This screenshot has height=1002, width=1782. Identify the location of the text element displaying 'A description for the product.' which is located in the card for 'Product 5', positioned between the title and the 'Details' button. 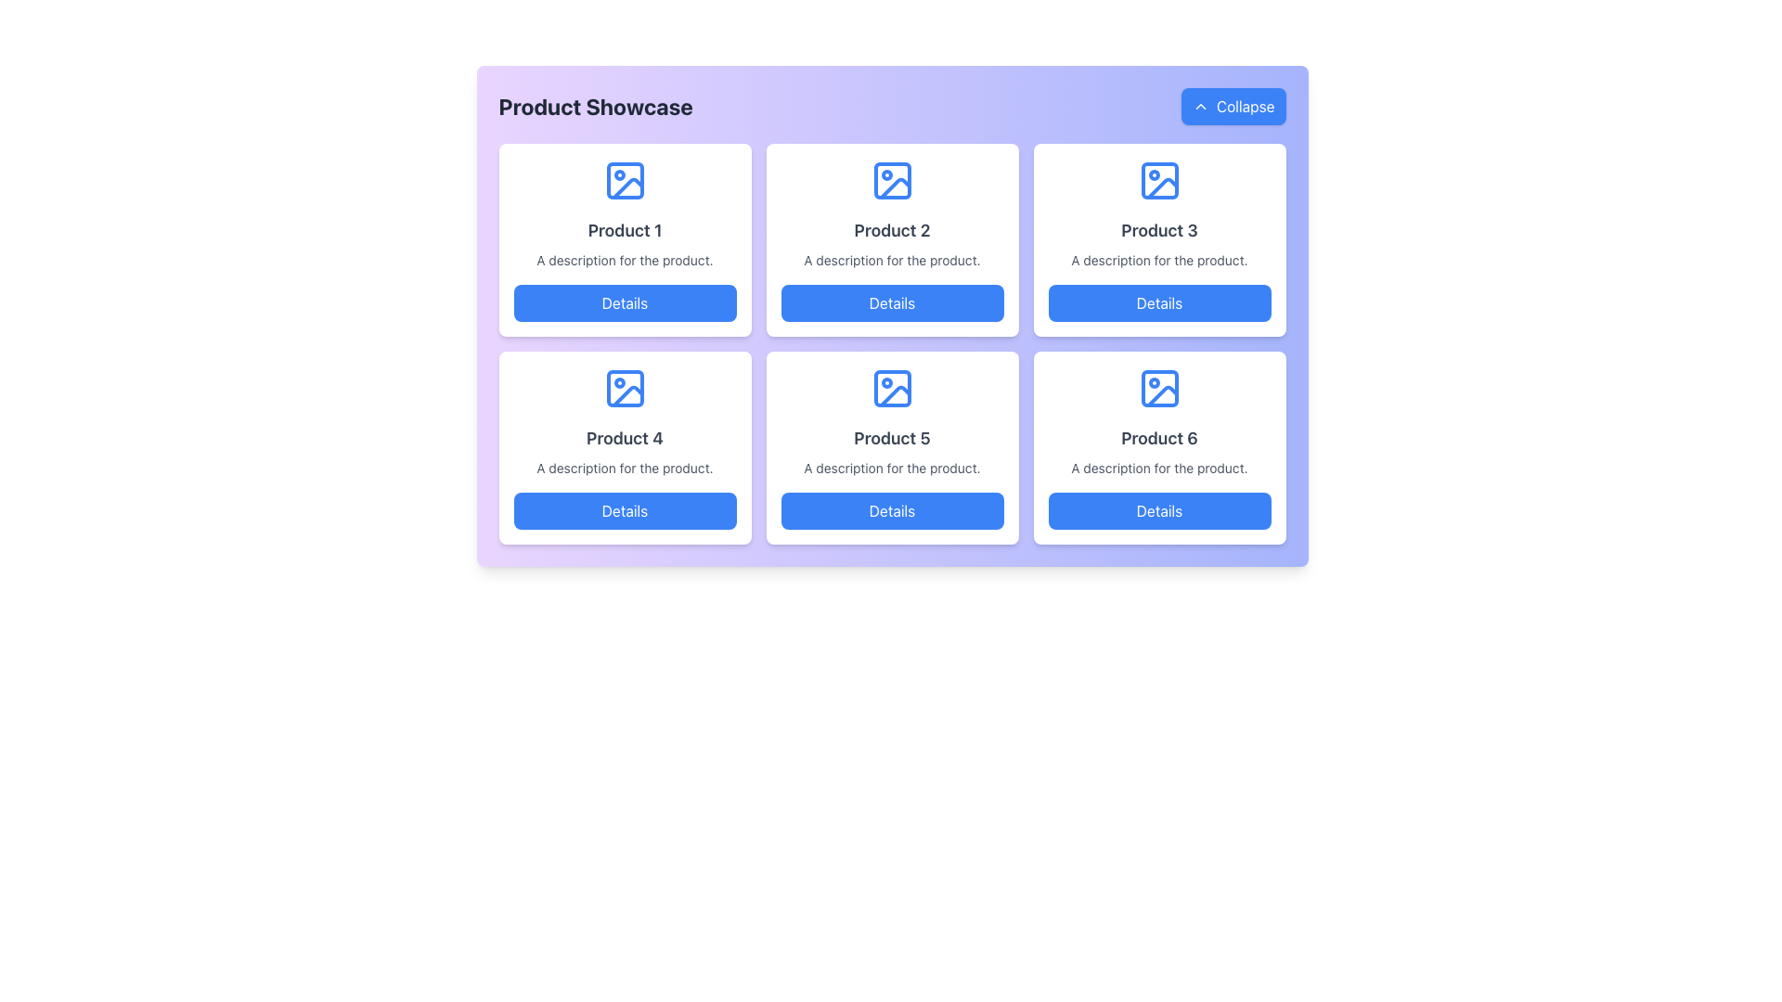
(892, 468).